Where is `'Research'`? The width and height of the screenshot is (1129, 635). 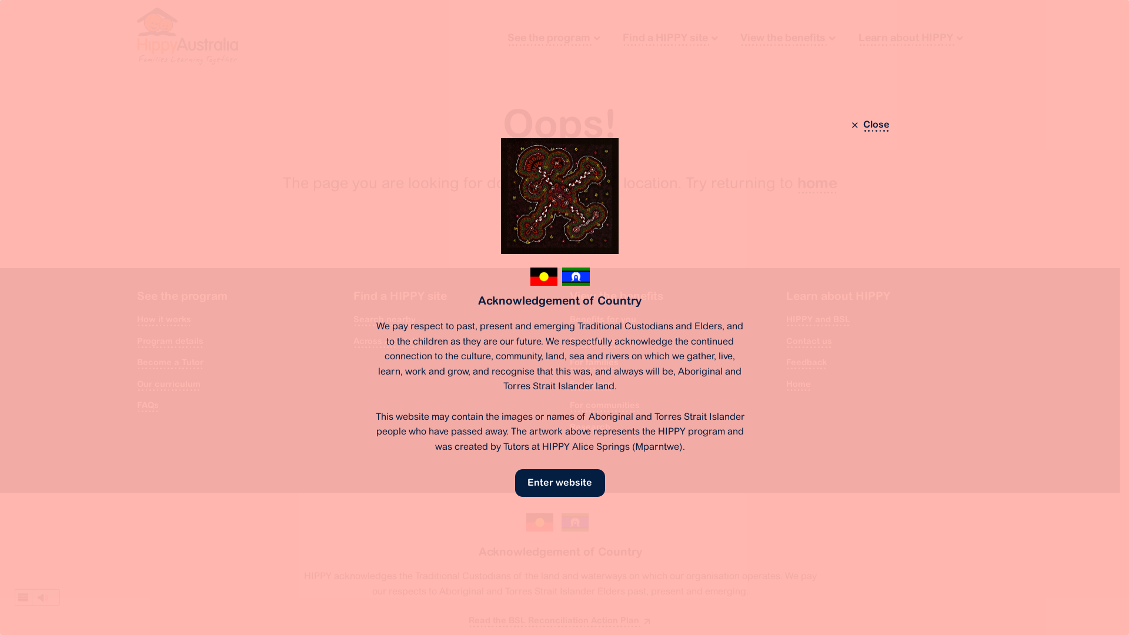
'Research' is located at coordinates (589, 426).